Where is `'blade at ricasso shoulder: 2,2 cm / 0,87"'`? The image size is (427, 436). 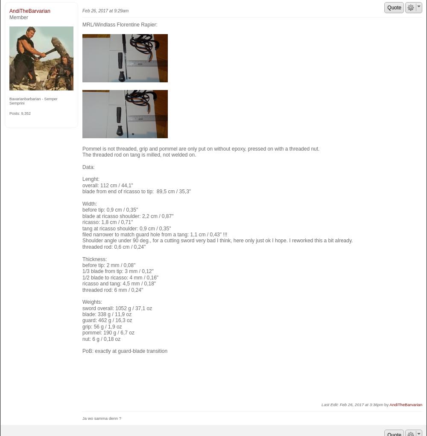 'blade at ricasso shoulder: 2,2 cm / 0,87"' is located at coordinates (128, 215).